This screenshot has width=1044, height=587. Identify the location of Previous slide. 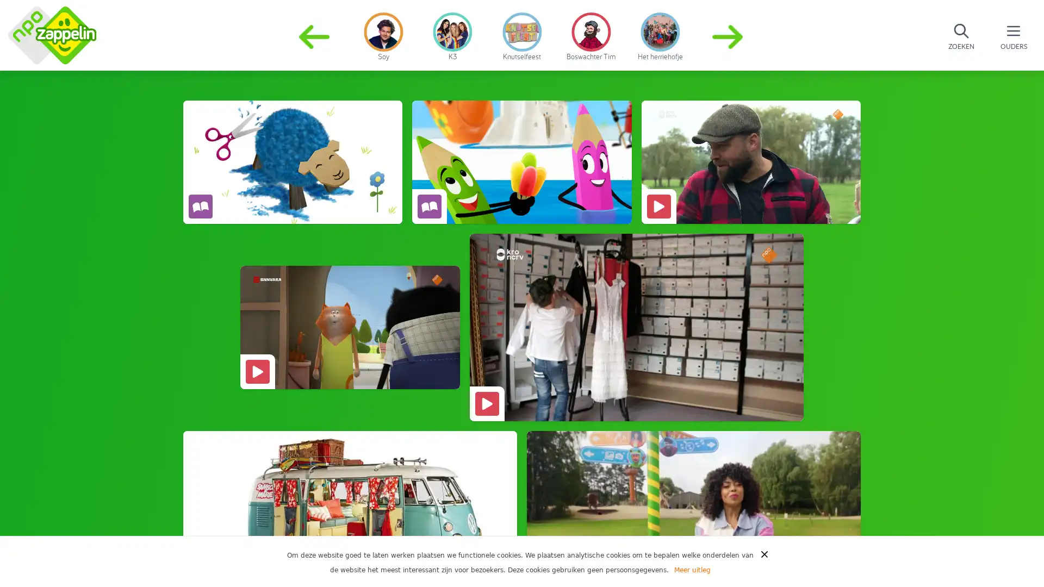
(315, 35).